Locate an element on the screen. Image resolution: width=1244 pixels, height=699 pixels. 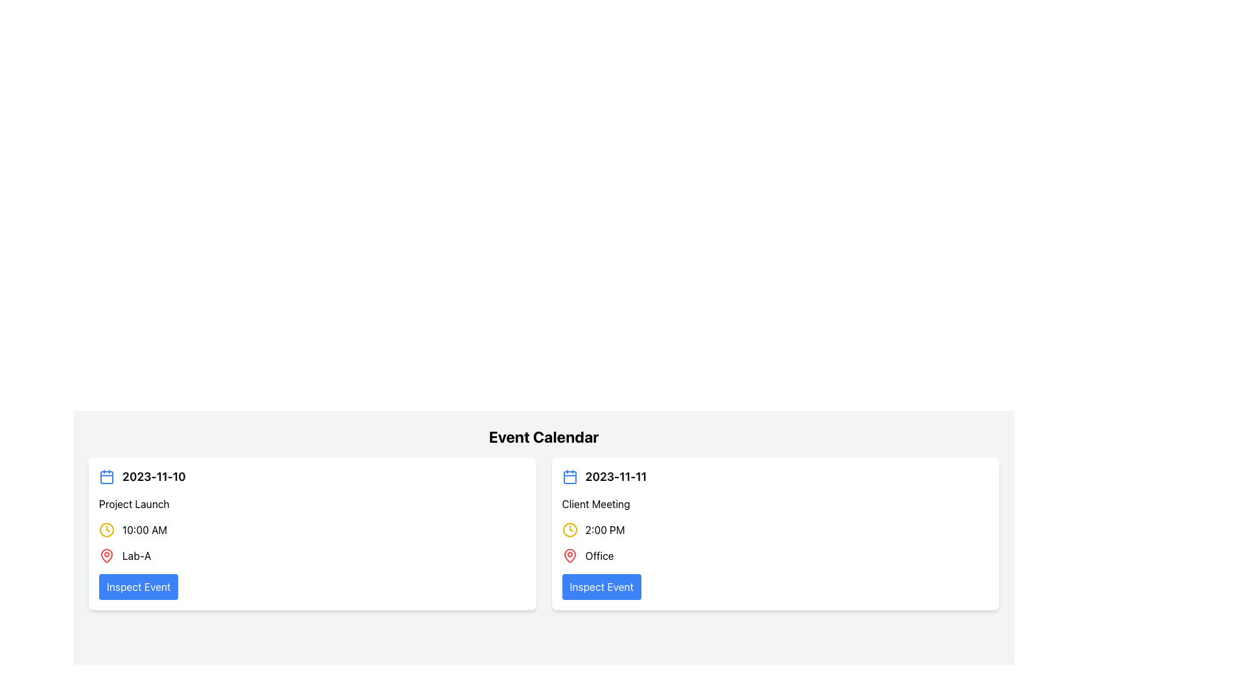
the blue calendar icon located at the upper-left corner of the first event card, next to the date text '2023-11-10' is located at coordinates (106, 476).